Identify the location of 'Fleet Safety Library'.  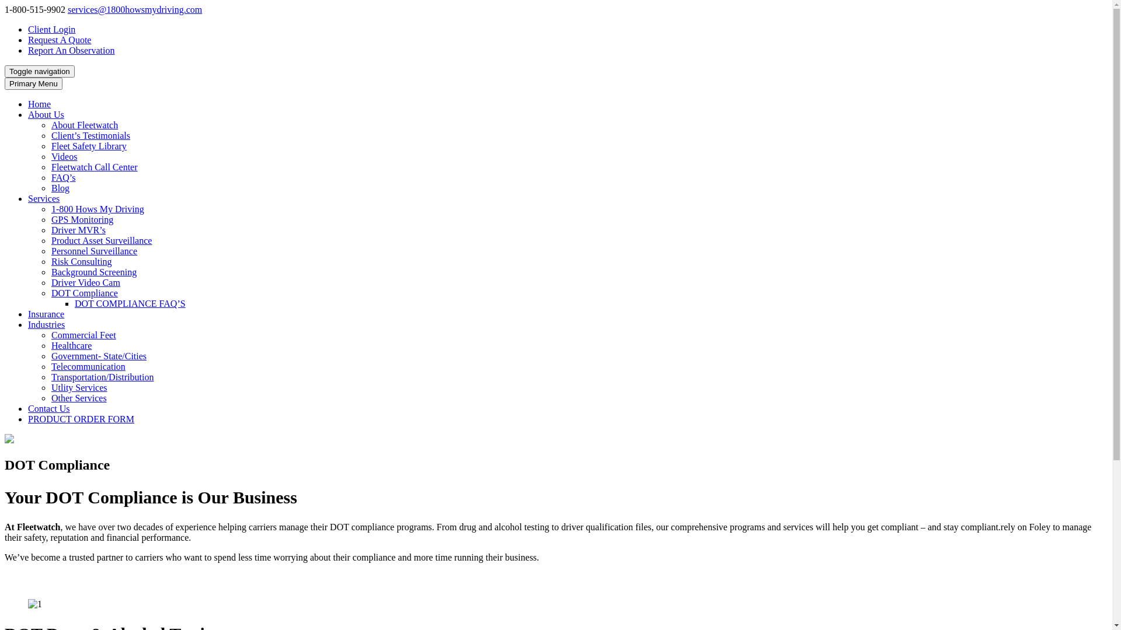
(50, 145).